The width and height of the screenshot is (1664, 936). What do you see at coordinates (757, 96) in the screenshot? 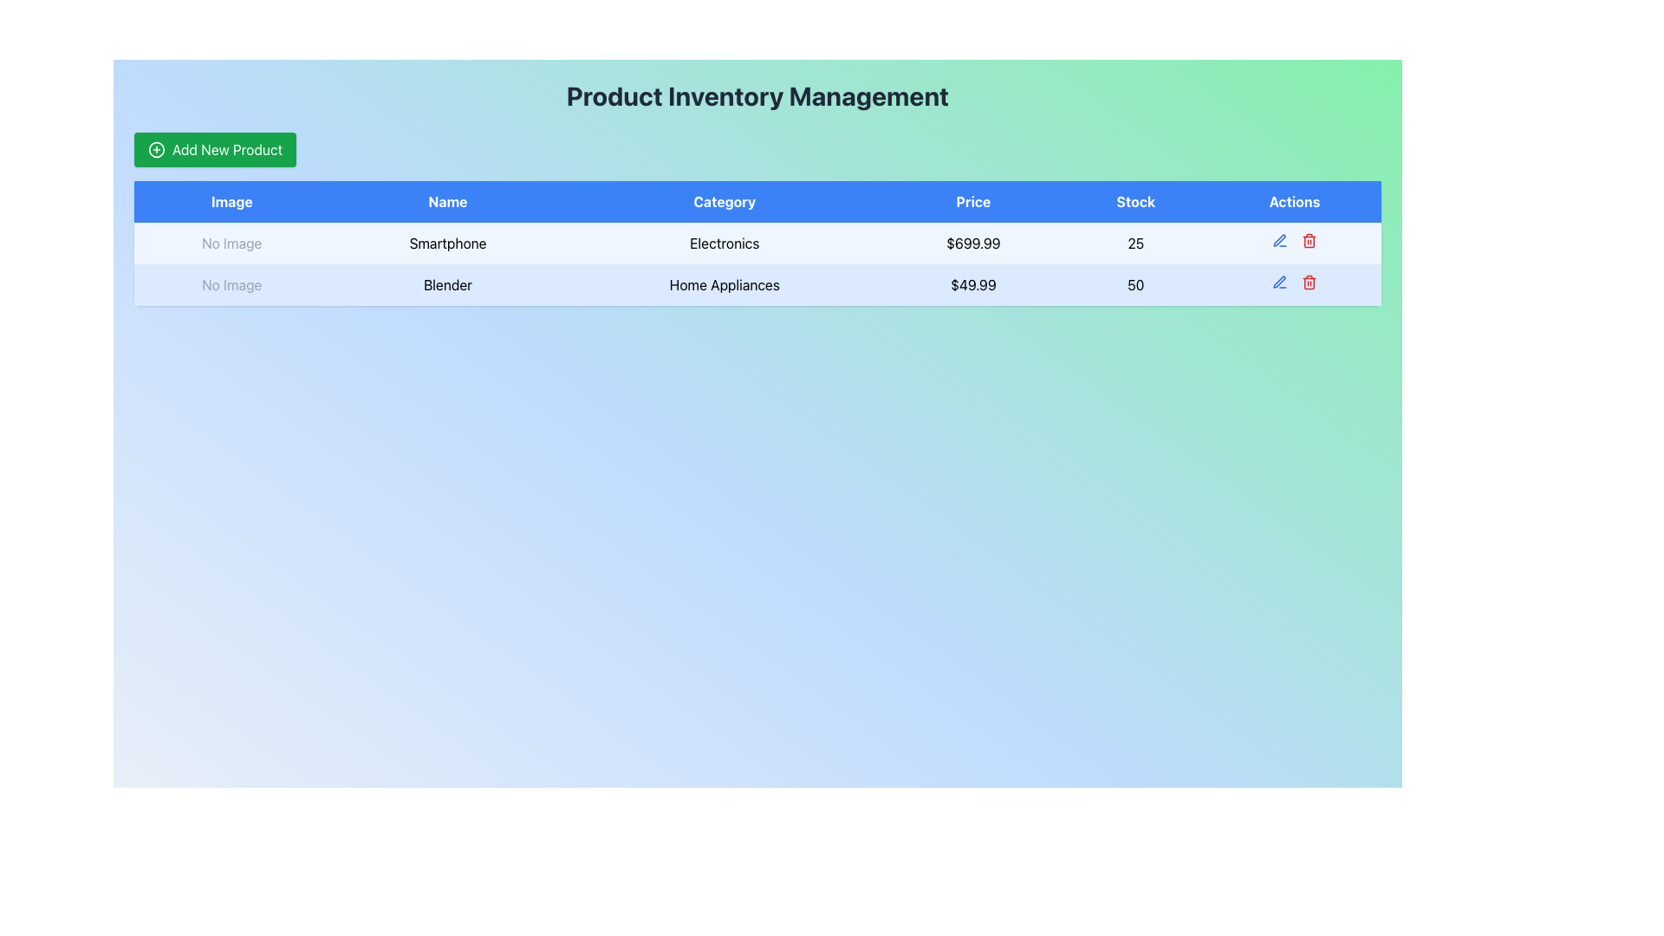
I see `text from the title label located at the top center of the interface, which serves as the main header for the page` at bounding box center [757, 96].